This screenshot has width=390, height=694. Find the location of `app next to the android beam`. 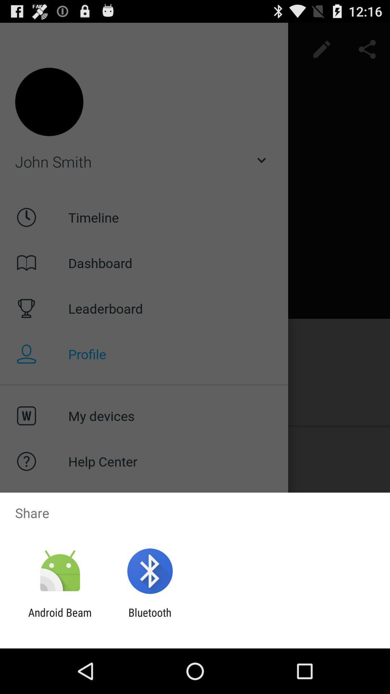

app next to the android beam is located at coordinates (149, 618).